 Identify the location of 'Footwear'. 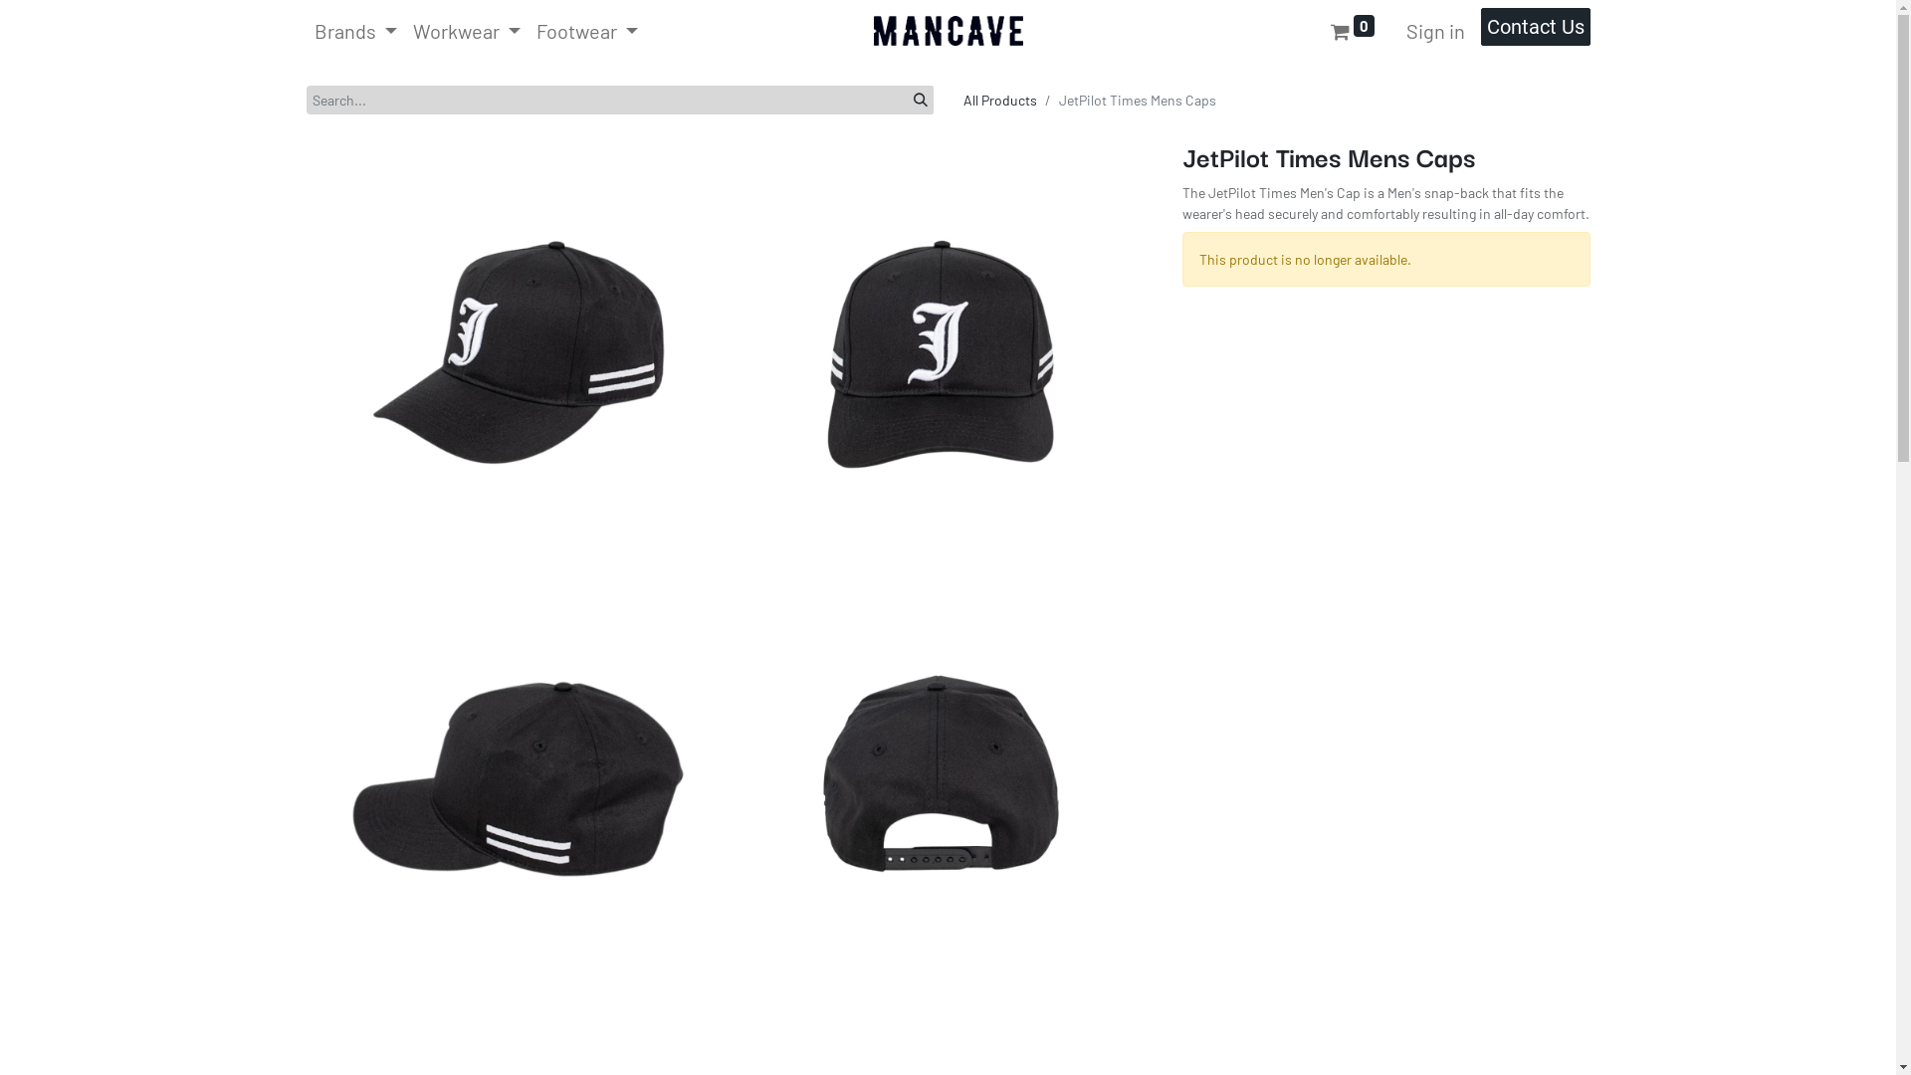
(586, 30).